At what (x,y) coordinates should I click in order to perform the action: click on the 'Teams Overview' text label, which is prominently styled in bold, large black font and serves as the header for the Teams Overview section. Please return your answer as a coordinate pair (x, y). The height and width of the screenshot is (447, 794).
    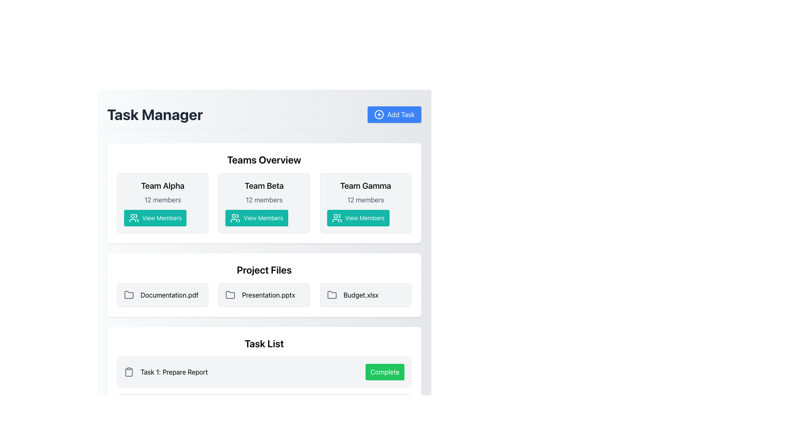
    Looking at the image, I should click on (263, 159).